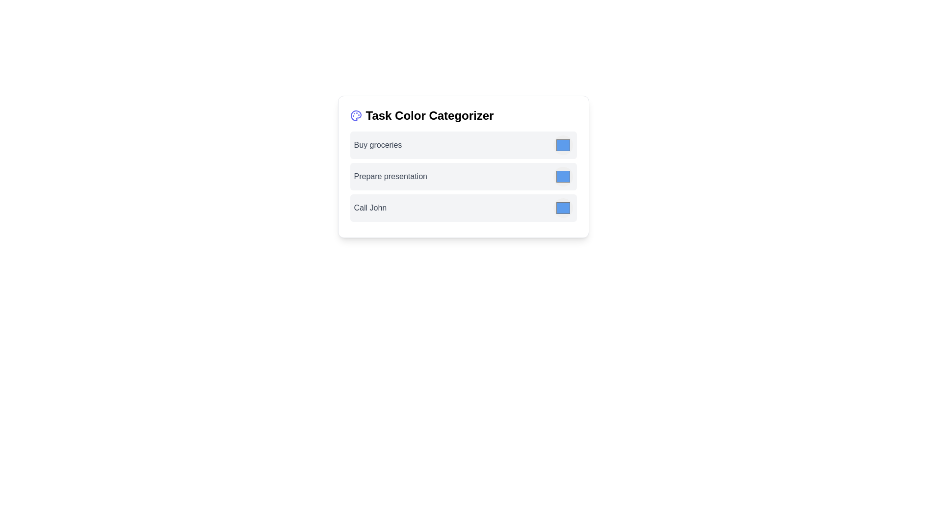 This screenshot has width=942, height=530. What do you see at coordinates (355, 115) in the screenshot?
I see `the indigo palette icon located to the left of the 'Task Color Categorizer' text` at bounding box center [355, 115].